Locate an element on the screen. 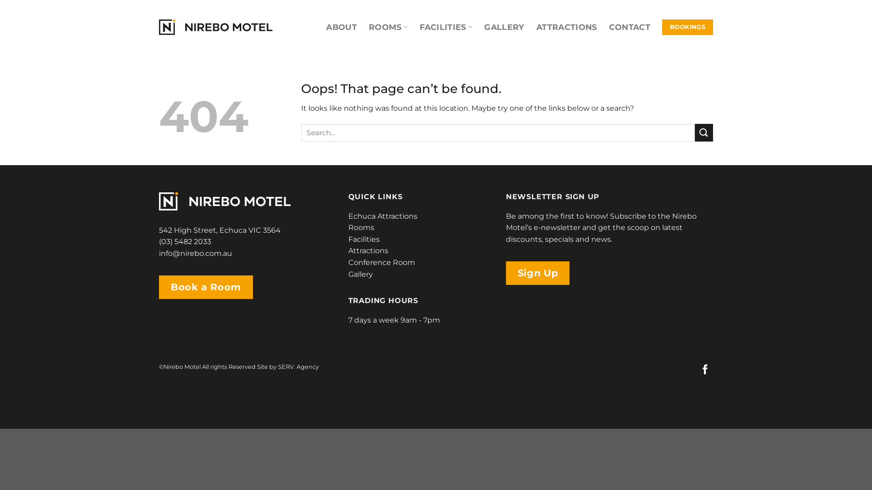 The width and height of the screenshot is (872, 490). 'BOOKINGS' is located at coordinates (687, 27).